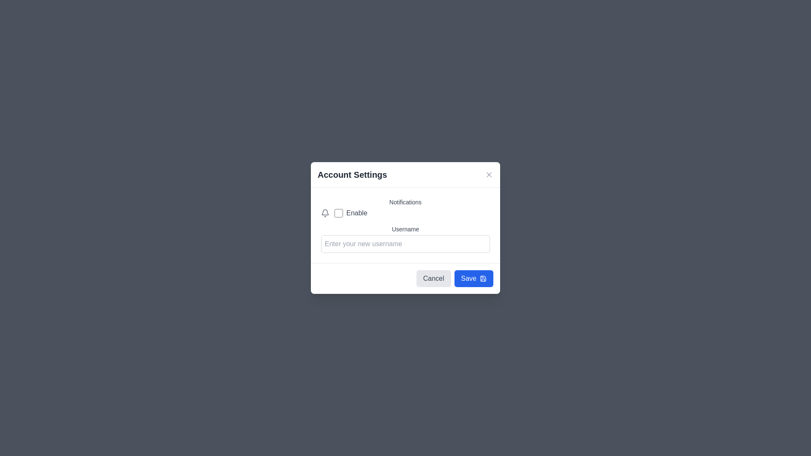 The height and width of the screenshot is (456, 811). I want to click on the static text label displaying 'Notifications' in gray font, located near the top center of the 'Account Settings' modal, above the 'Enable' checkbox, so click(405, 202).